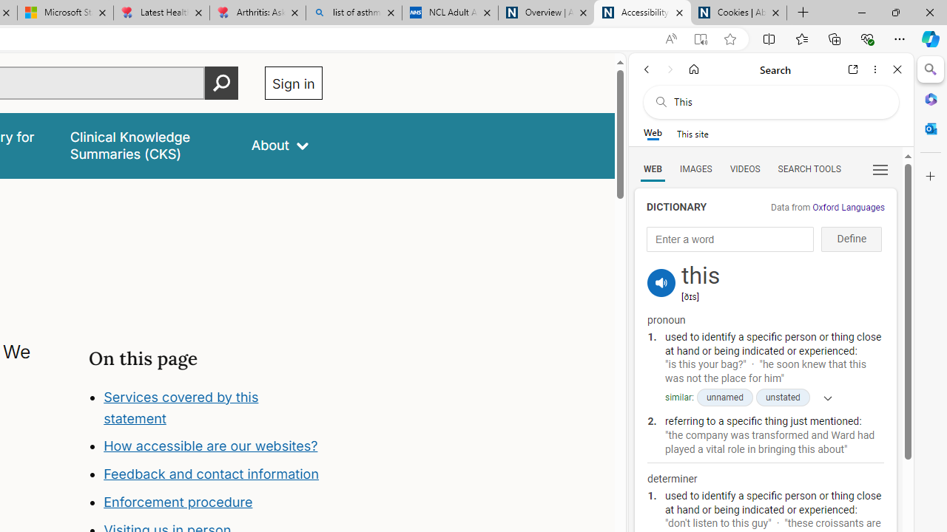 The width and height of the screenshot is (947, 532). What do you see at coordinates (848, 208) in the screenshot?
I see `'Oxford Languages'` at bounding box center [848, 208].